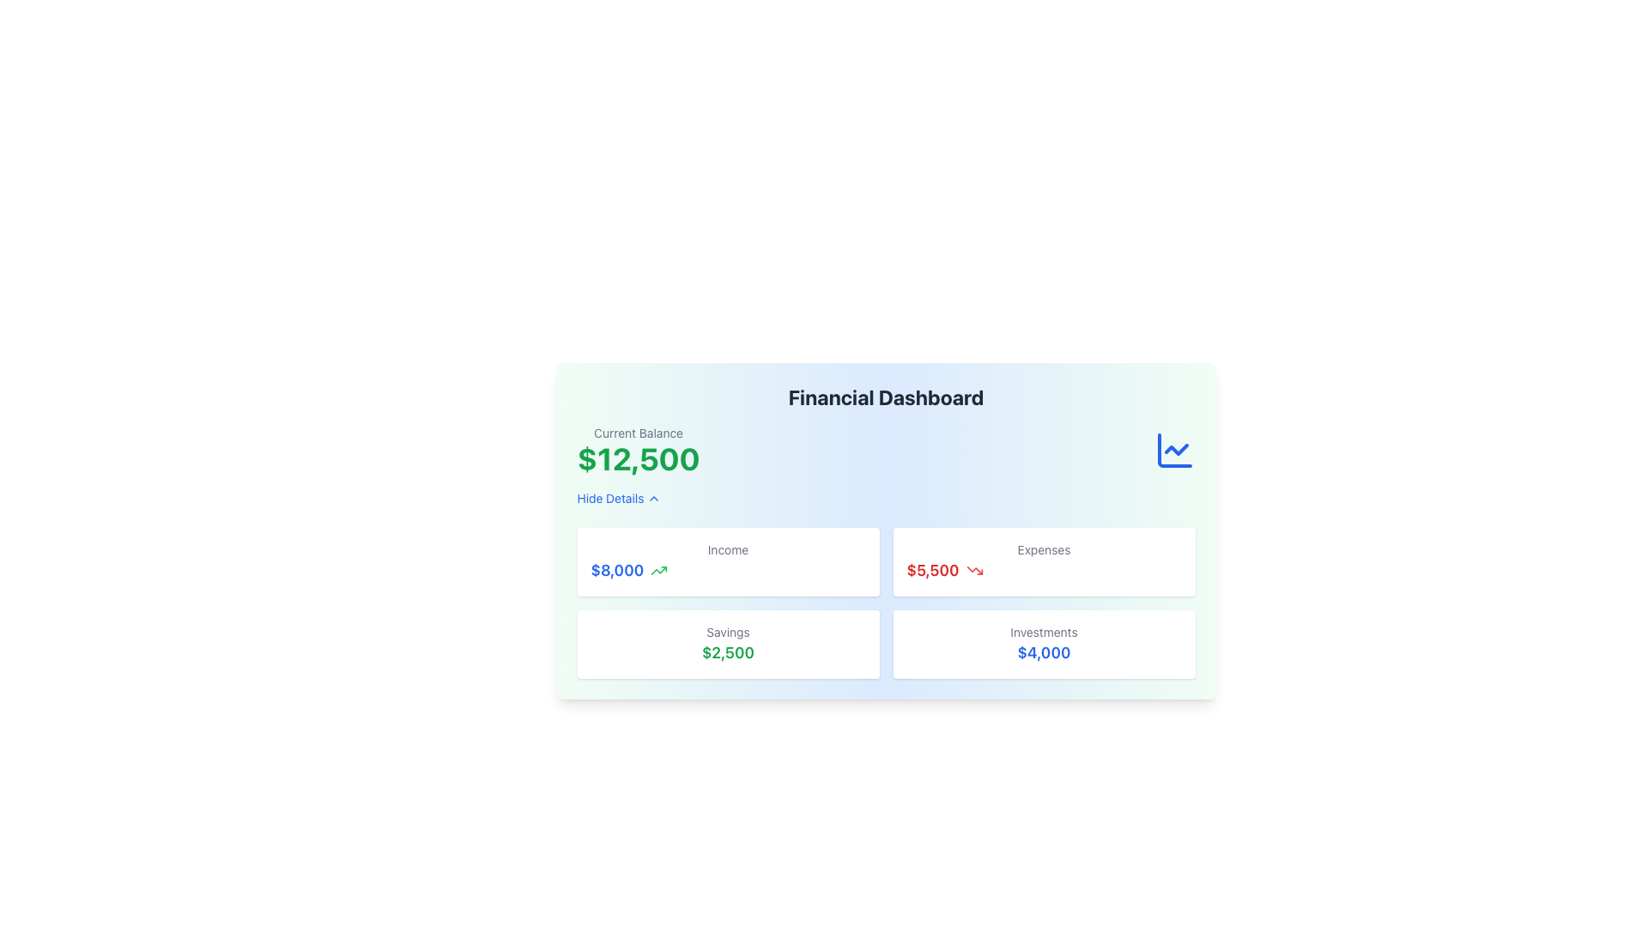 This screenshot has width=1648, height=927. I want to click on the downward-pointing red arrow icon representing a decrease in the 'Expenses' section of the financial dashboard, located immediately to the right of the '$5,500' text, so click(974, 570).